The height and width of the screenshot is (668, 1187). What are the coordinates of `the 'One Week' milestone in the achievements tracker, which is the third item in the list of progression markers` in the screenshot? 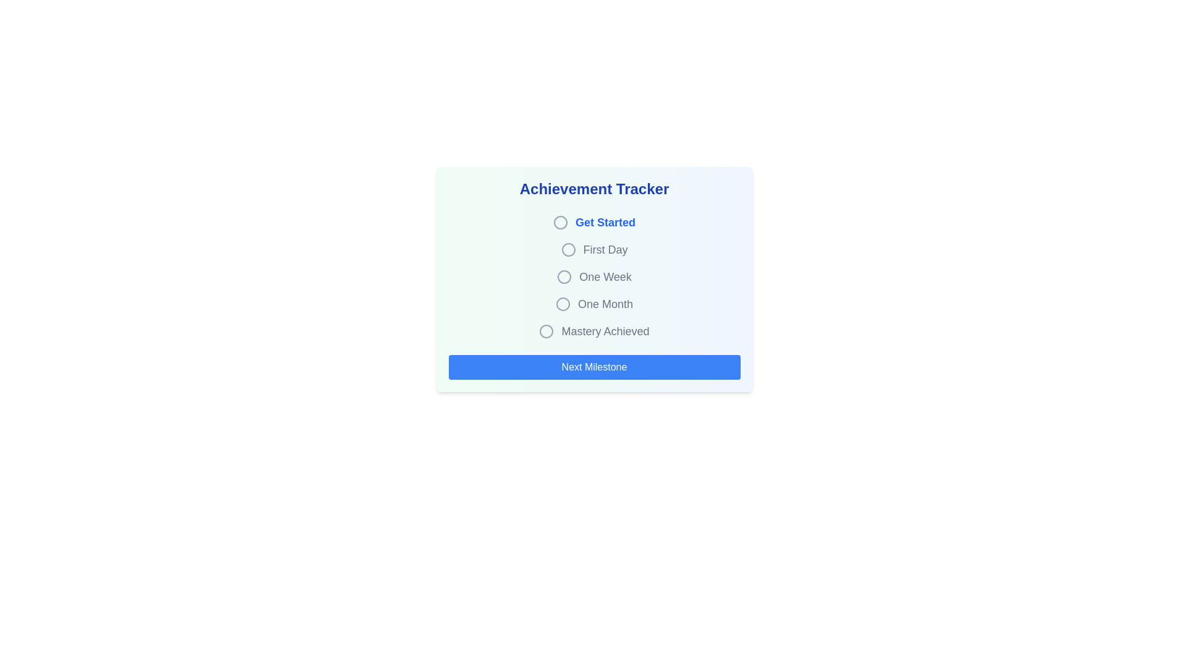 It's located at (594, 279).